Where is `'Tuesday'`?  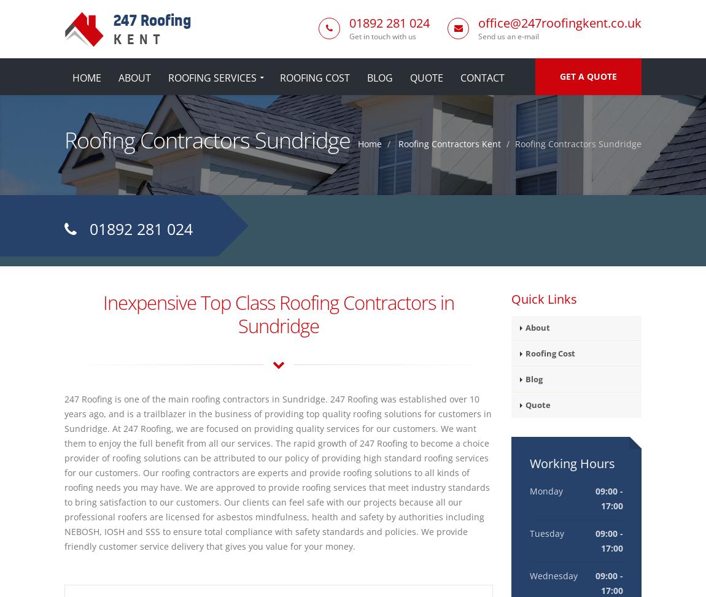
'Tuesday' is located at coordinates (546, 533).